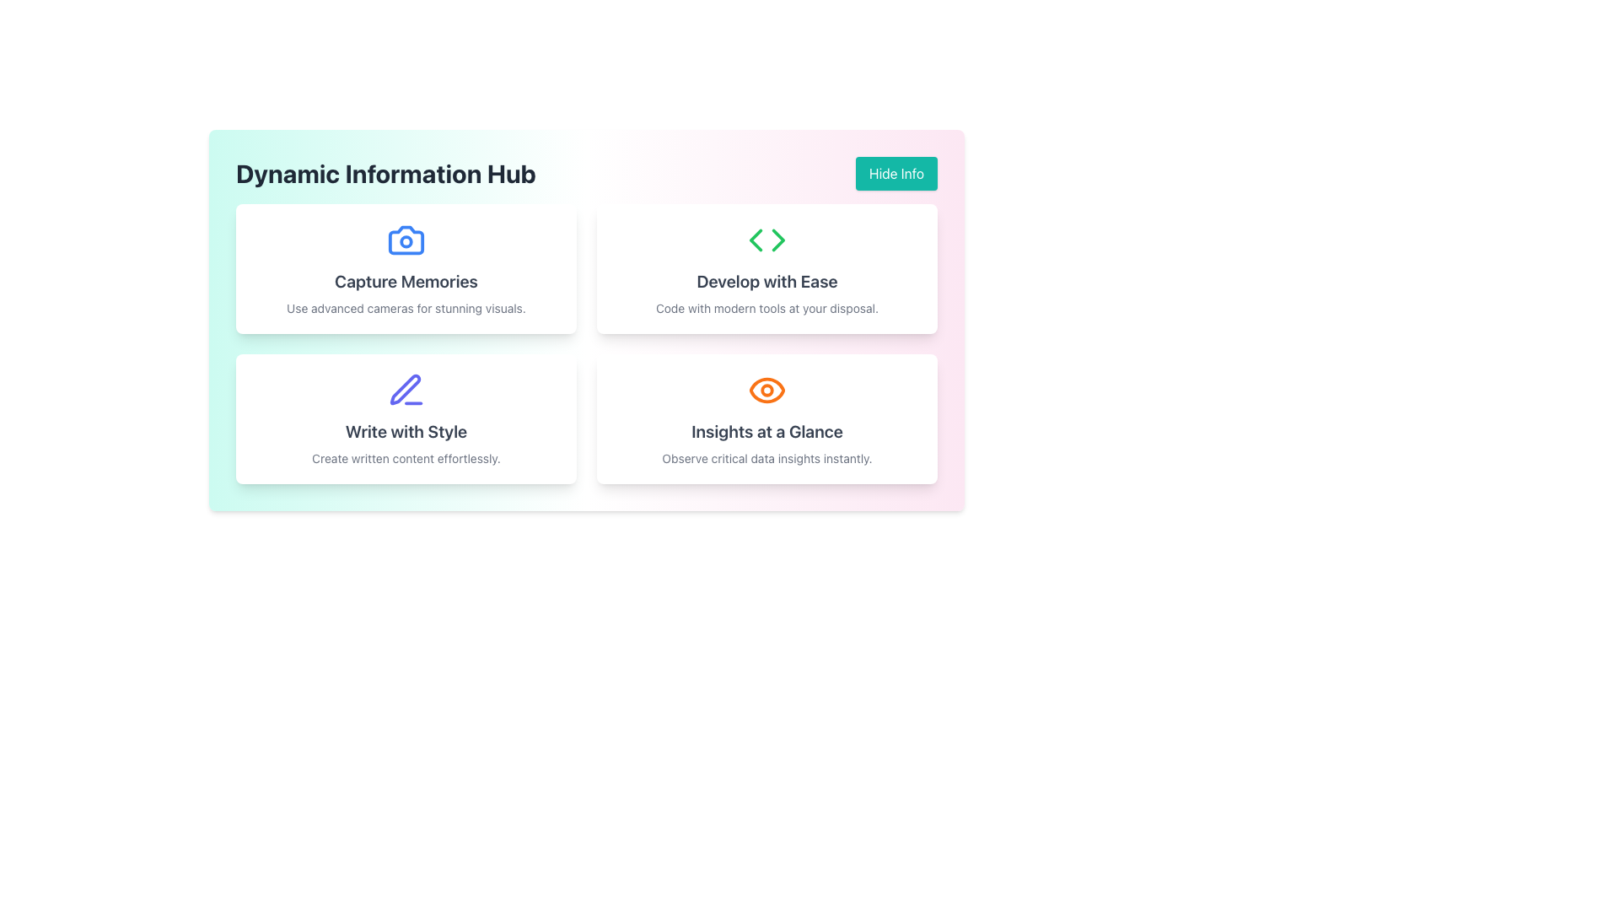 The image size is (1619, 911). What do you see at coordinates (406, 240) in the screenshot?
I see `the 'Capture Memories' icon which represents photography functionalities, located at the center of the card in the top-left corner of the grid layout` at bounding box center [406, 240].